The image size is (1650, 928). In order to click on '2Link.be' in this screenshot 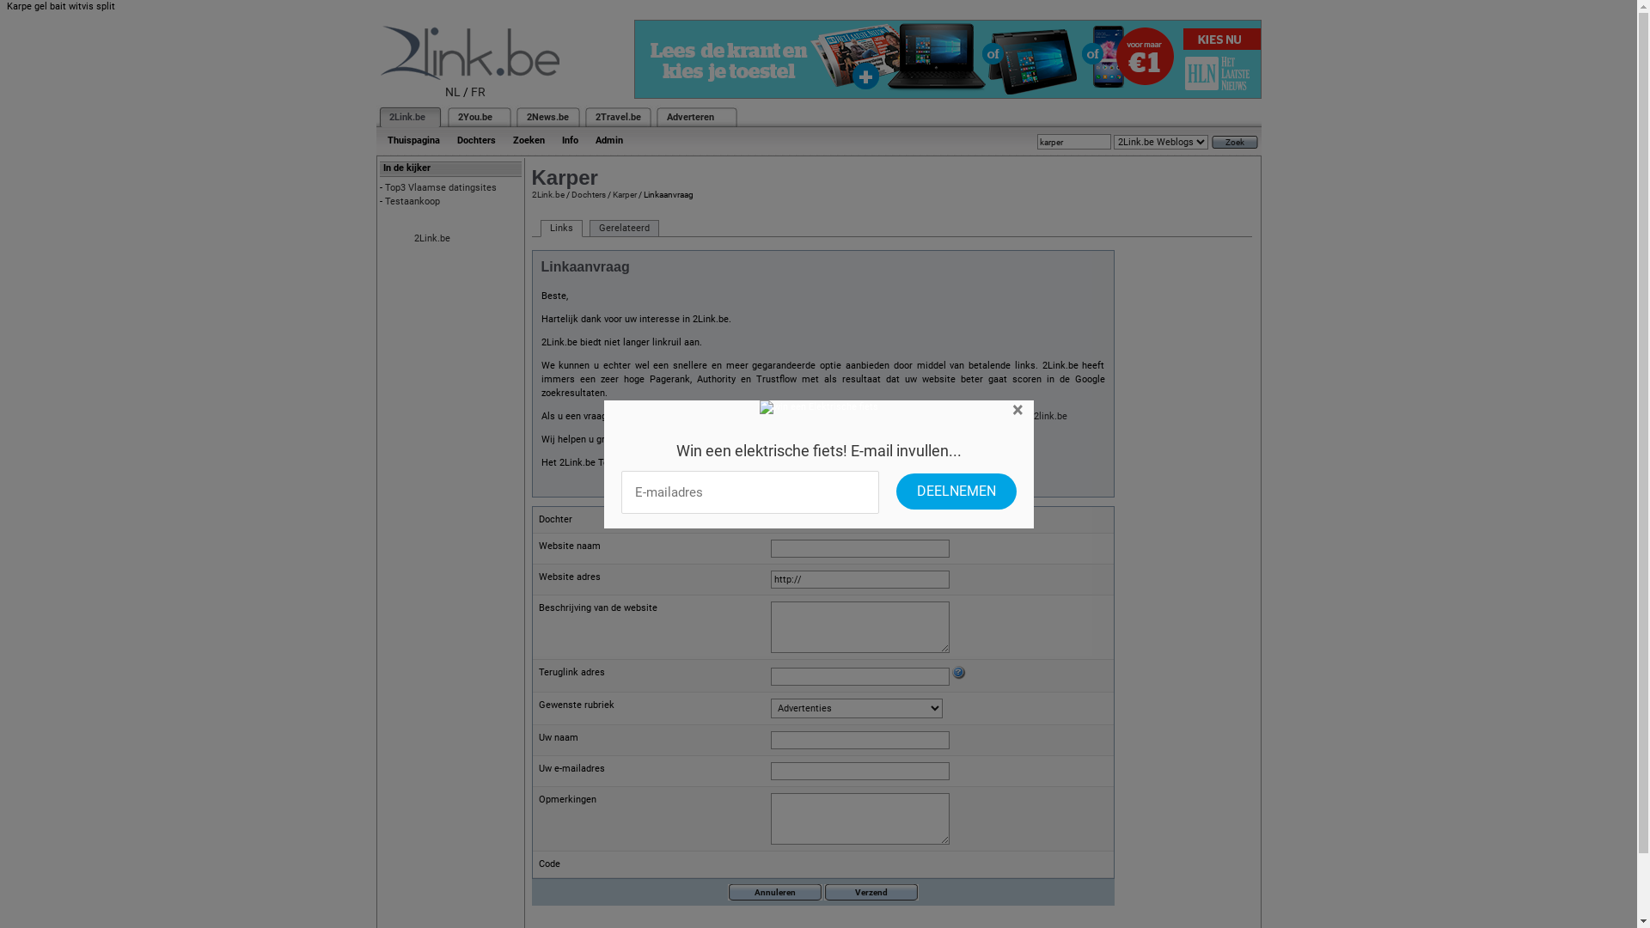, I will do `click(406, 116)`.